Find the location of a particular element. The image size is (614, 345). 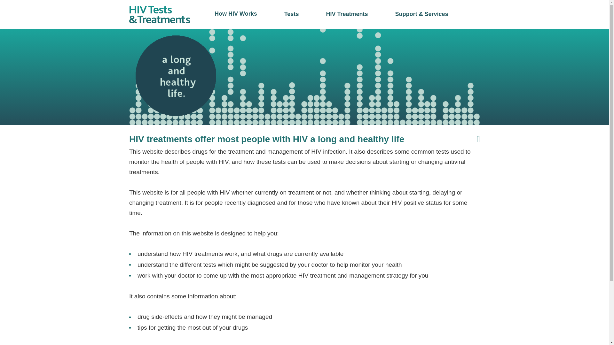

'HIV Treatments' is located at coordinates (346, 14).